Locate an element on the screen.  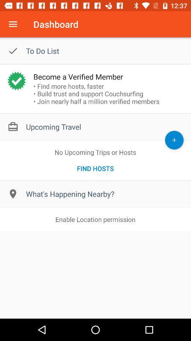
icon on the right is located at coordinates (174, 140).